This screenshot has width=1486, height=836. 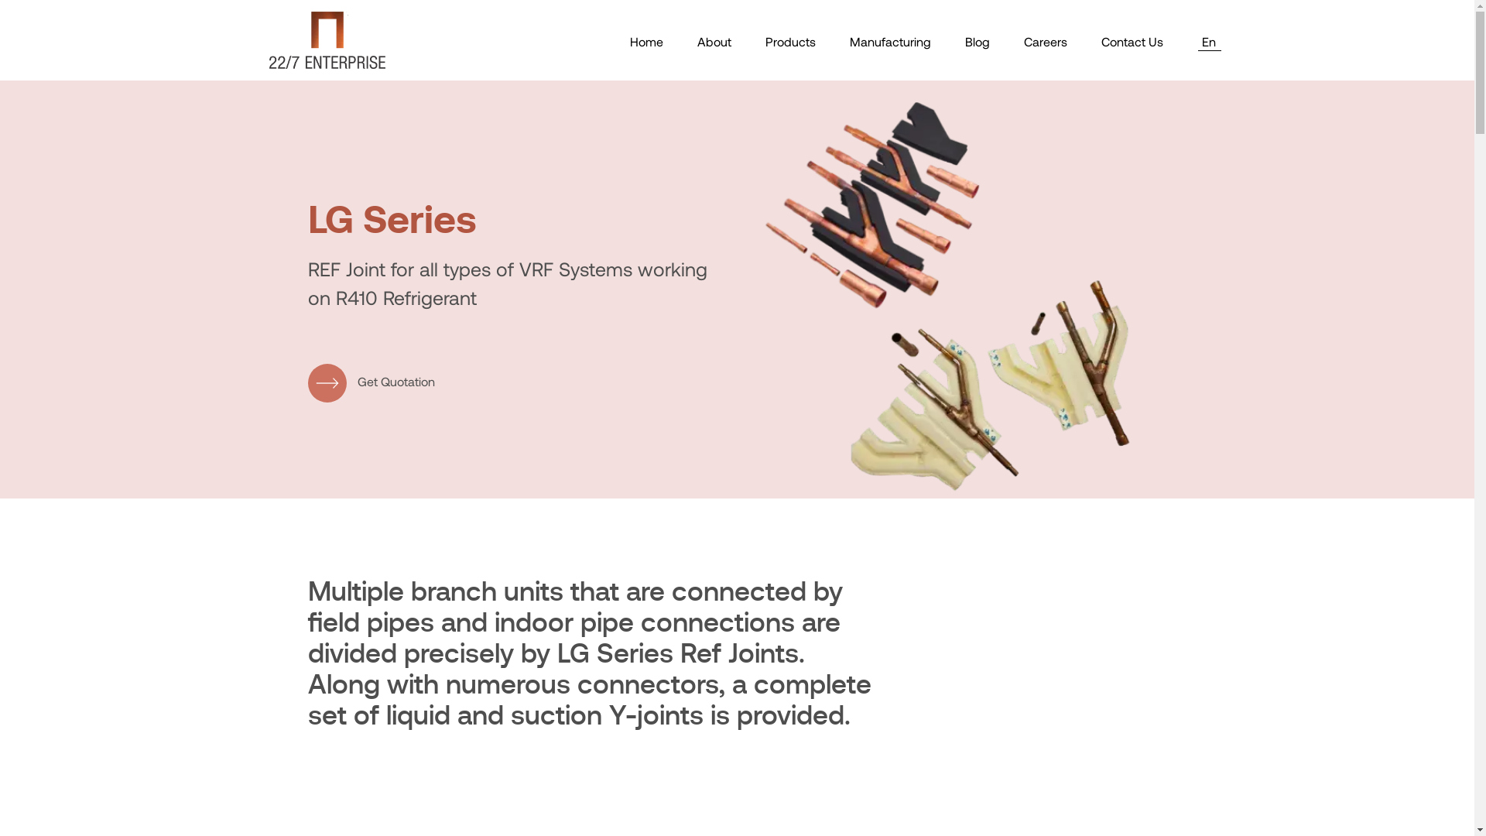 I want to click on 'Blog', so click(x=964, y=40).